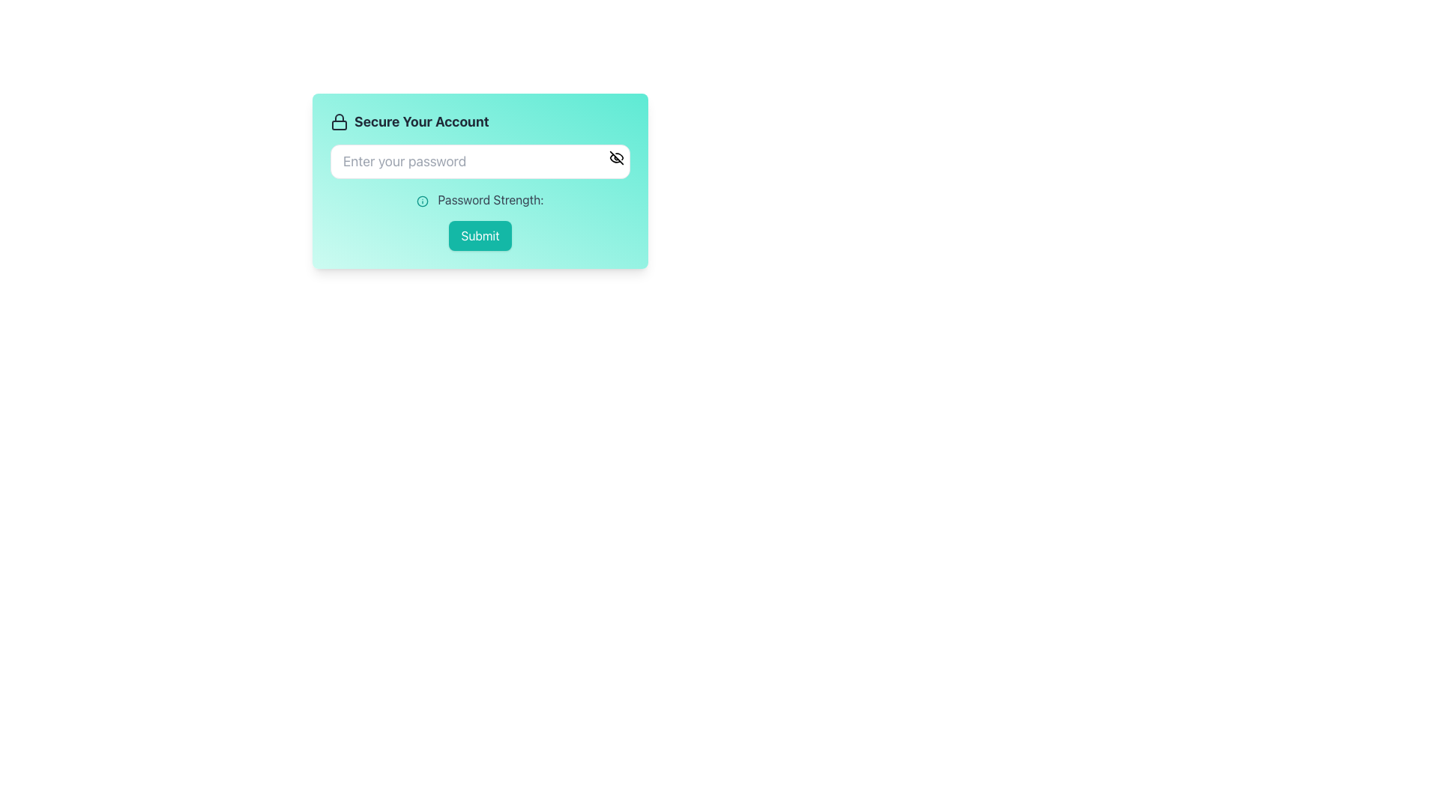 The height and width of the screenshot is (809, 1439). What do you see at coordinates (480, 236) in the screenshot?
I see `the 'Submit' button, which has a teal background and white text, to change its background color` at bounding box center [480, 236].